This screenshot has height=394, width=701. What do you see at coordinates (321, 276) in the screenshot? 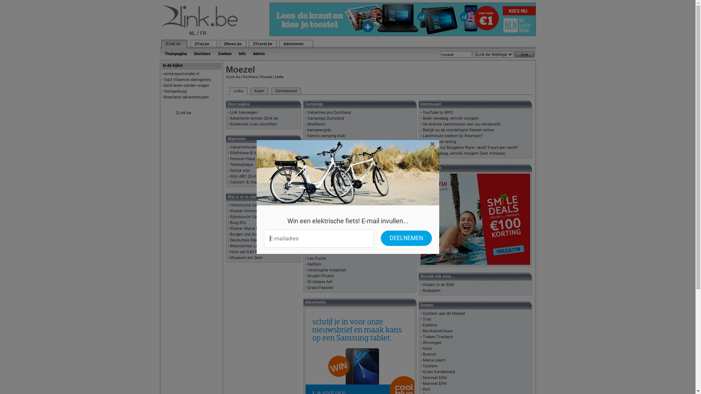
I see `'Studert Pruem'` at bounding box center [321, 276].